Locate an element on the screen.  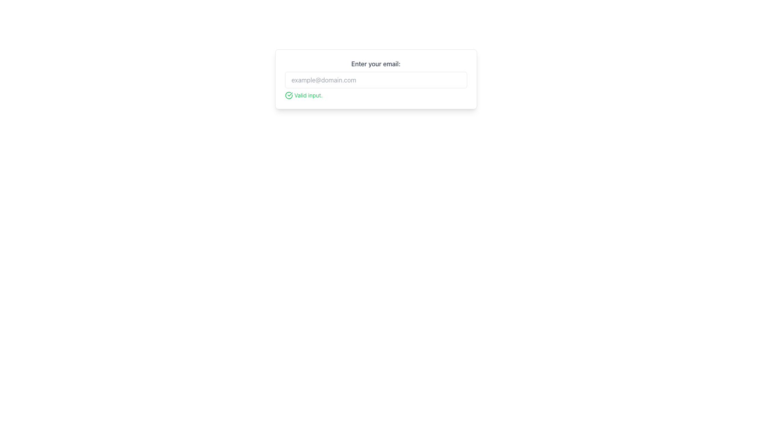
the static text element displaying 'Valid input.' which indicates a successful state, located beside a green circular checkmark icon is located at coordinates (308, 95).